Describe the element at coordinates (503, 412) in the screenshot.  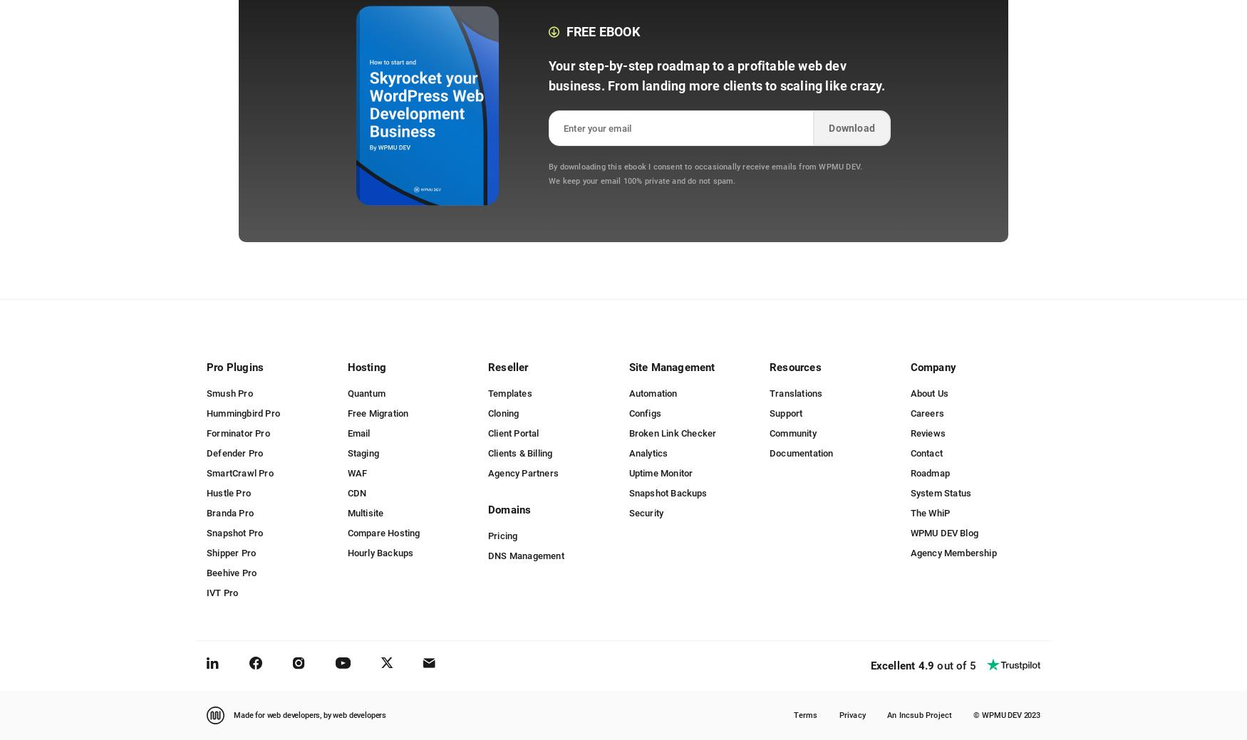
I see `'Cloning'` at that location.